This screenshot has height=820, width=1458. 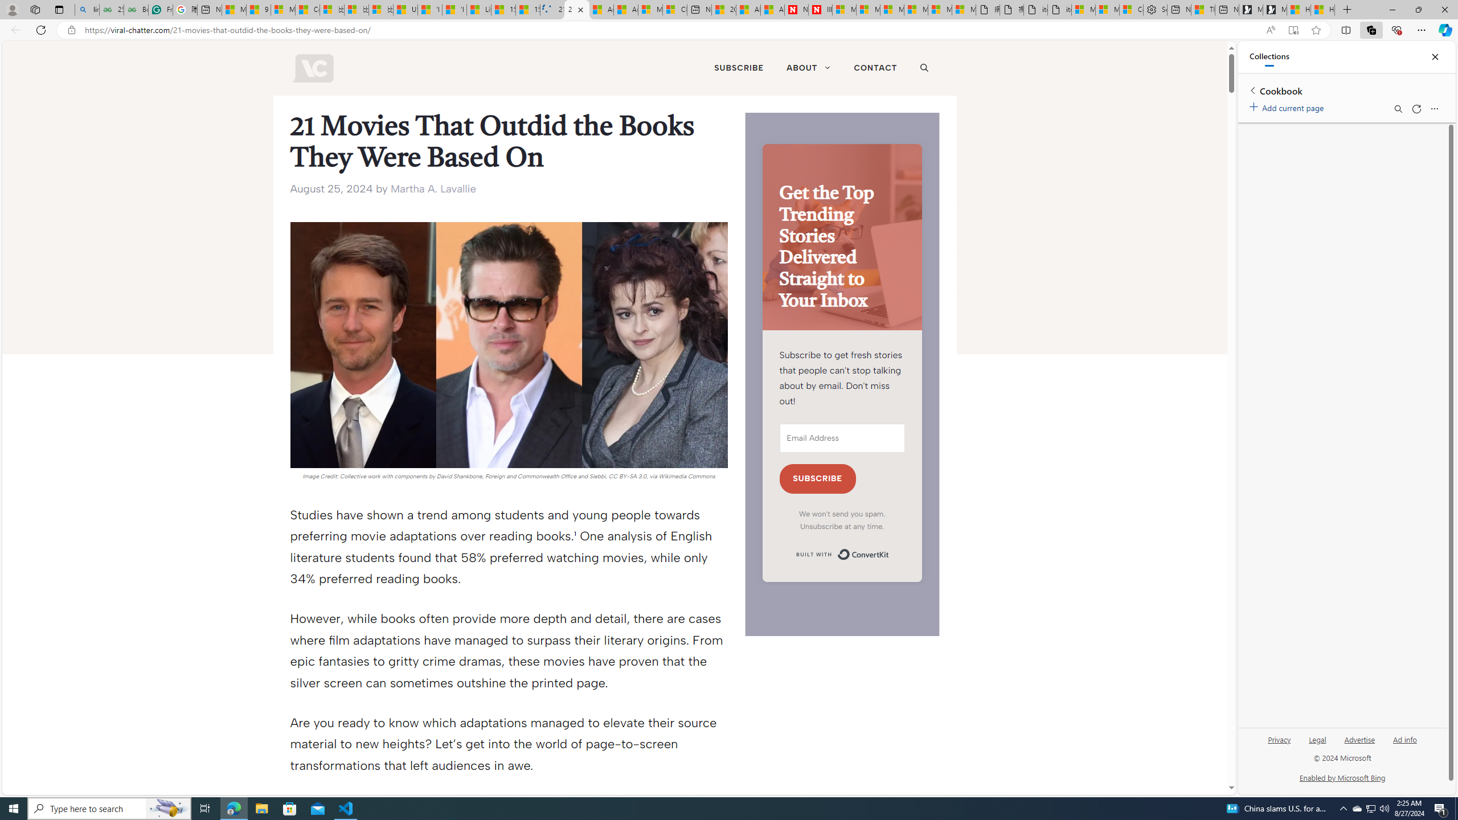 What do you see at coordinates (1252, 90) in the screenshot?
I see `'Back to list of collections'` at bounding box center [1252, 90].